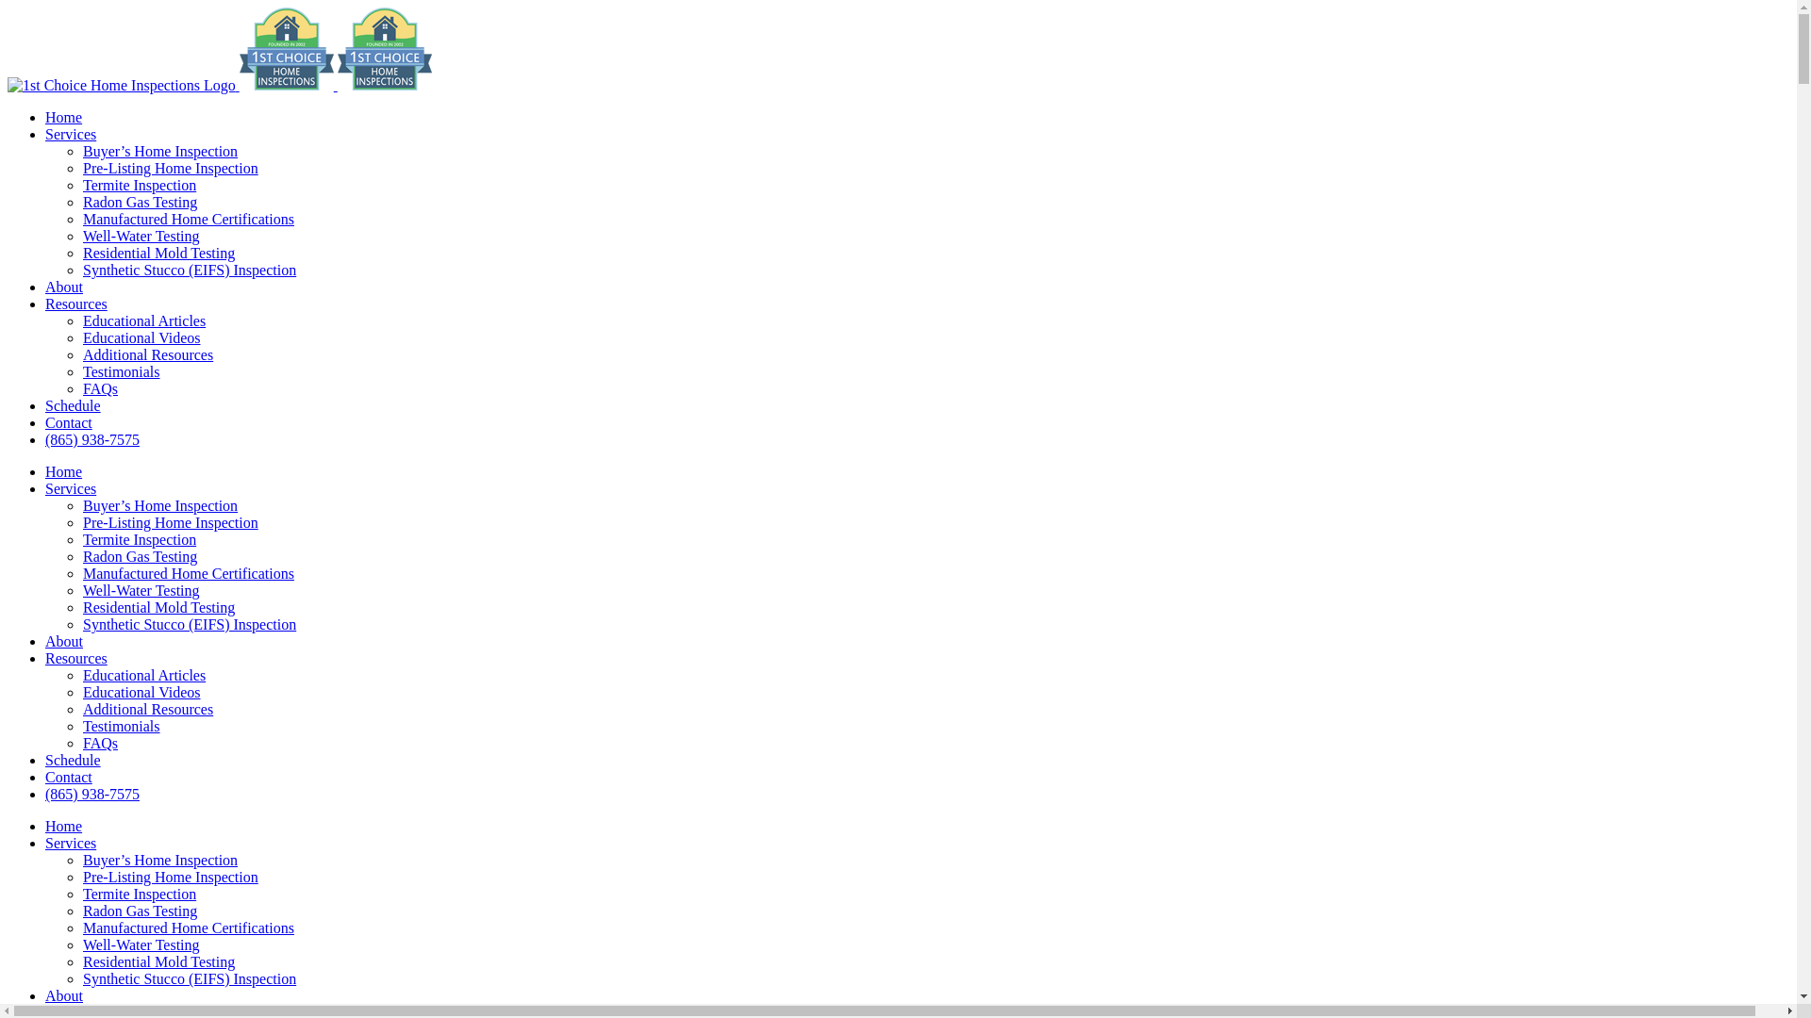 Image resolution: width=1811 pixels, height=1018 pixels. Describe the element at coordinates (81, 692) in the screenshot. I see `'Educational Videos'` at that location.